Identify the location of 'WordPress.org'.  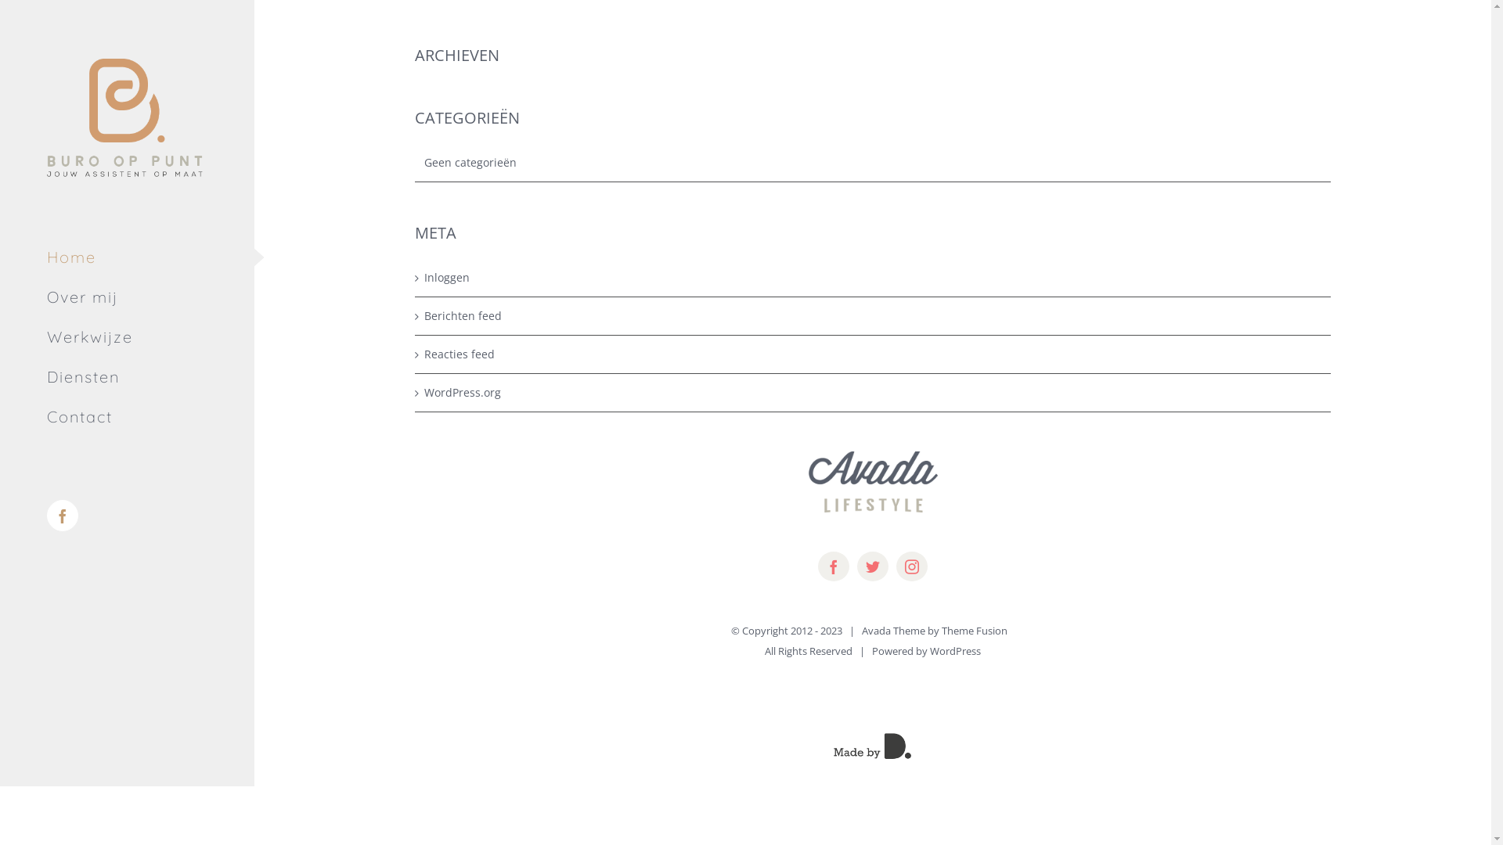
(424, 391).